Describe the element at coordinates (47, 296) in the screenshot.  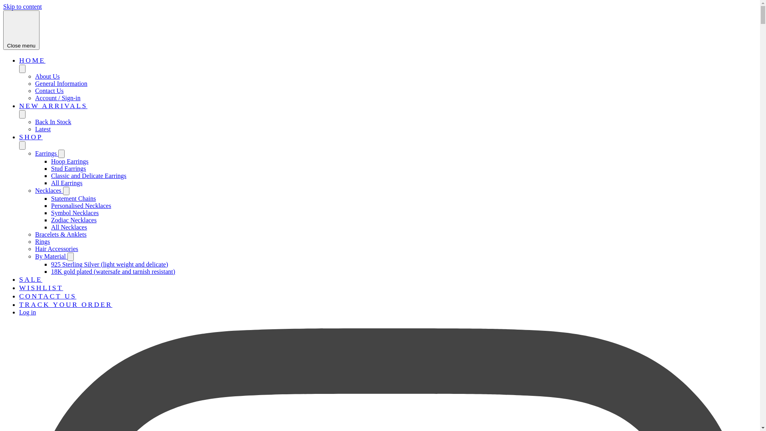
I see `'CONTACT US'` at that location.